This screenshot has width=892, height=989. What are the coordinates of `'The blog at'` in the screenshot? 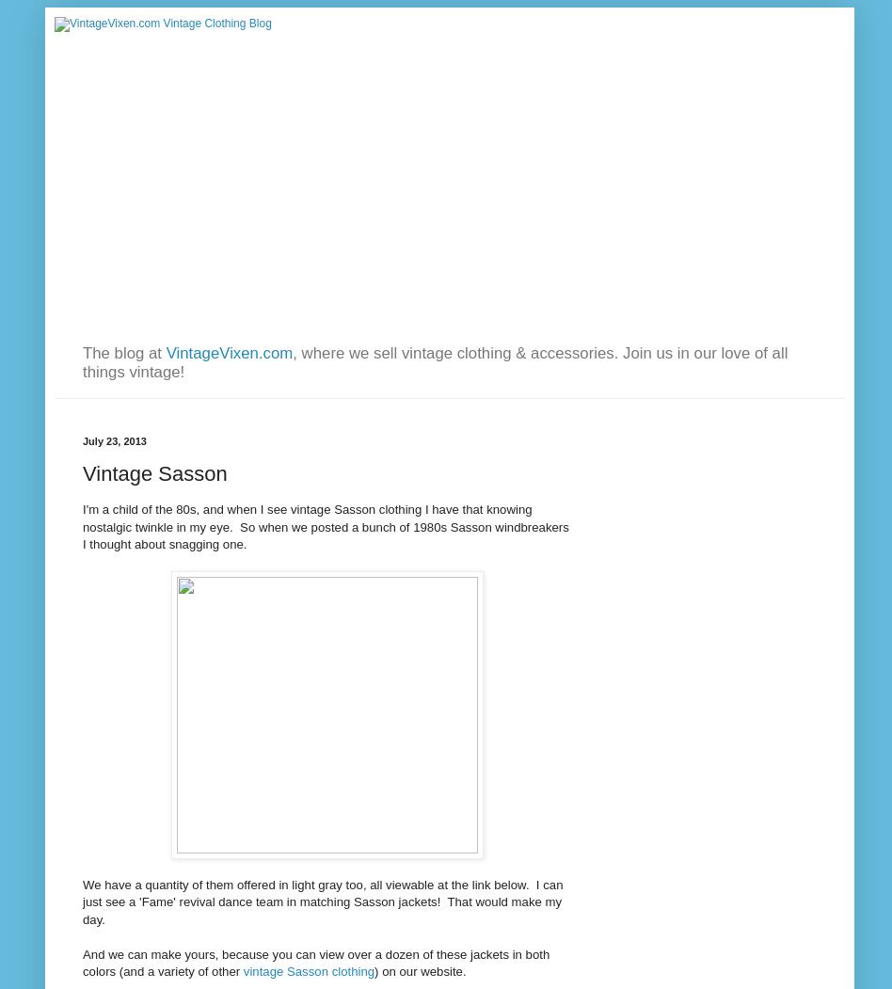 It's located at (122, 351).